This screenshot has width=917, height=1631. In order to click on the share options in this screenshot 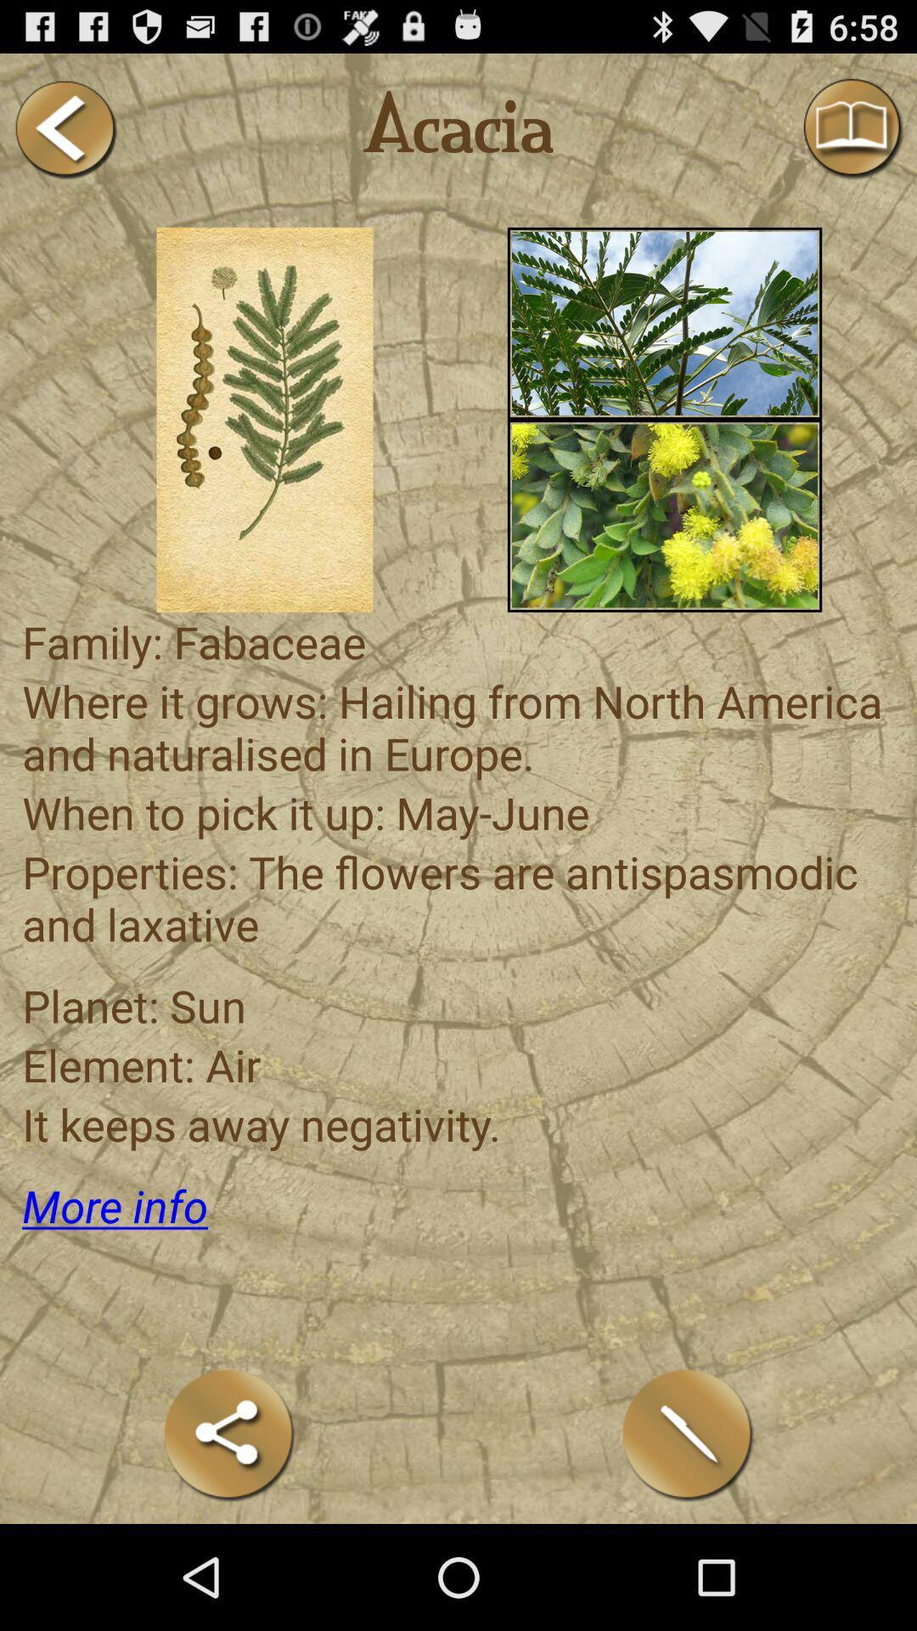, I will do `click(229, 1434)`.